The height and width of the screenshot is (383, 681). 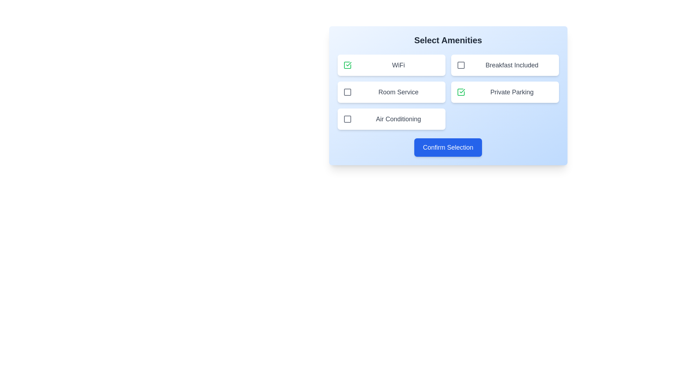 I want to click on the green-bordered checkbox with a bold green checkmark next to the 'Private Parking' text, so click(x=461, y=91).